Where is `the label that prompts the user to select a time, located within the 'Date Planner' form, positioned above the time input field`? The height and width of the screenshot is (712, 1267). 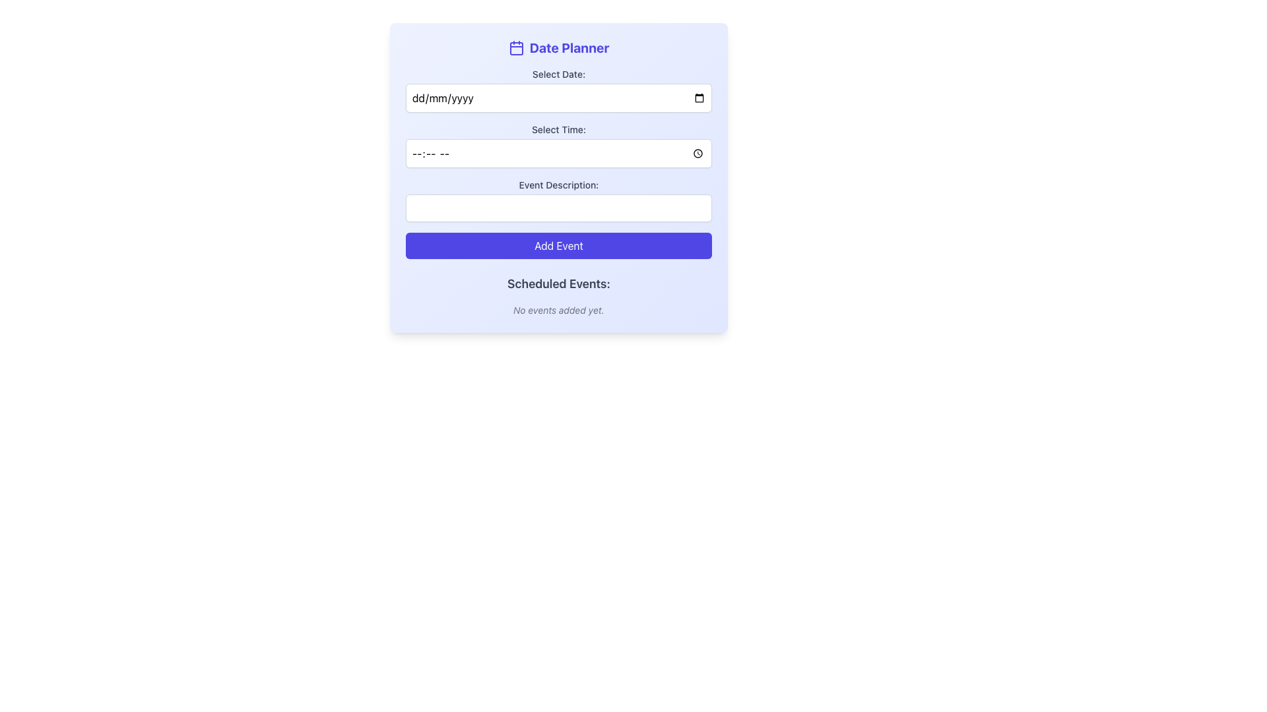 the label that prompts the user to select a time, located within the 'Date Planner' form, positioned above the time input field is located at coordinates (558, 129).